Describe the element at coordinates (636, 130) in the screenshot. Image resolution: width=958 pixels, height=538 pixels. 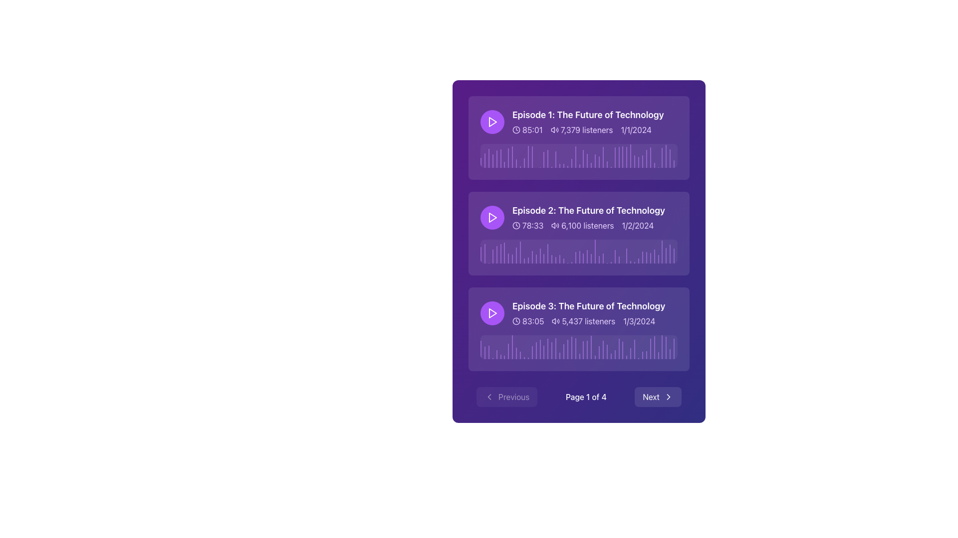
I see `the static text label that displays the release date of the audio episode, located at the top right of the first audio episode's item list` at that location.